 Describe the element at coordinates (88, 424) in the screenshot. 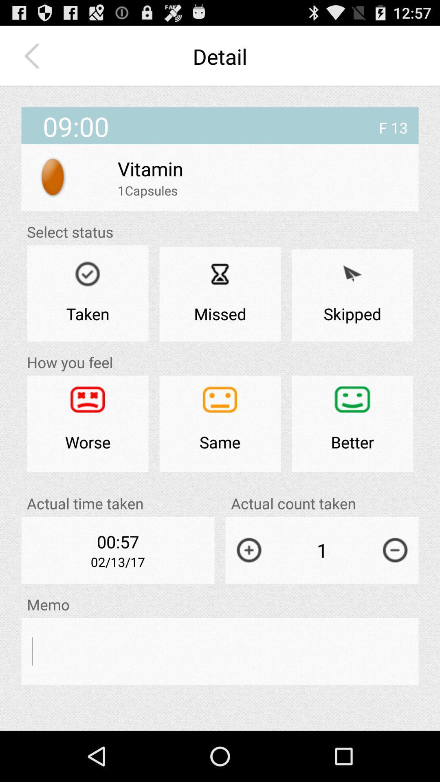

I see `worse` at that location.